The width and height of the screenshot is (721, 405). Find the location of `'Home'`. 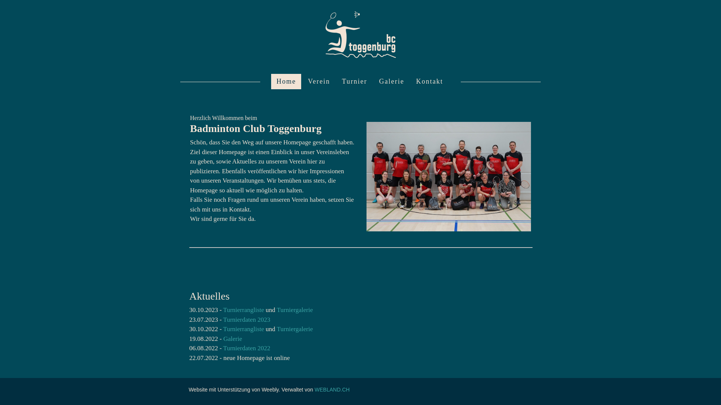

'Home' is located at coordinates (286, 81).